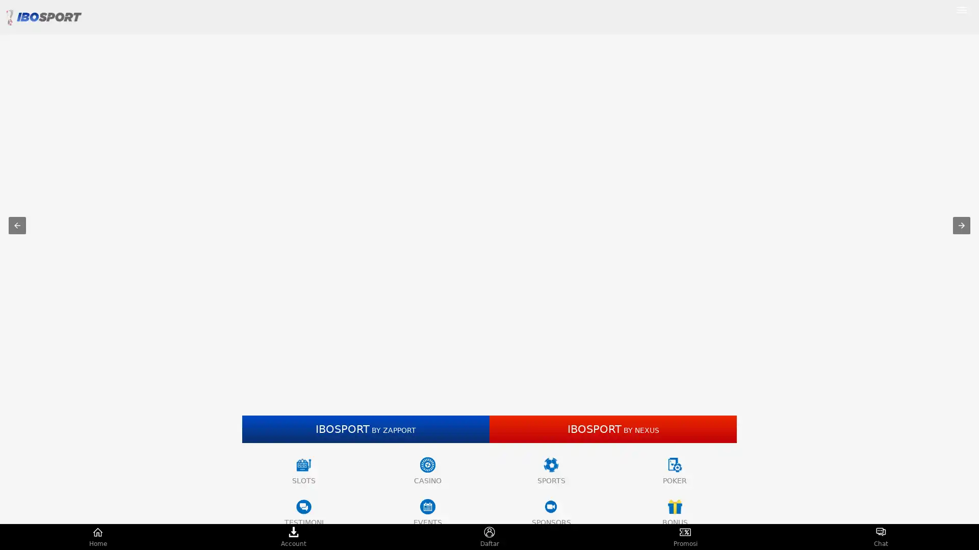 The image size is (979, 550). Describe the element at coordinates (17, 225) in the screenshot. I see `Previous item in carousel (3 of 5)` at that location.